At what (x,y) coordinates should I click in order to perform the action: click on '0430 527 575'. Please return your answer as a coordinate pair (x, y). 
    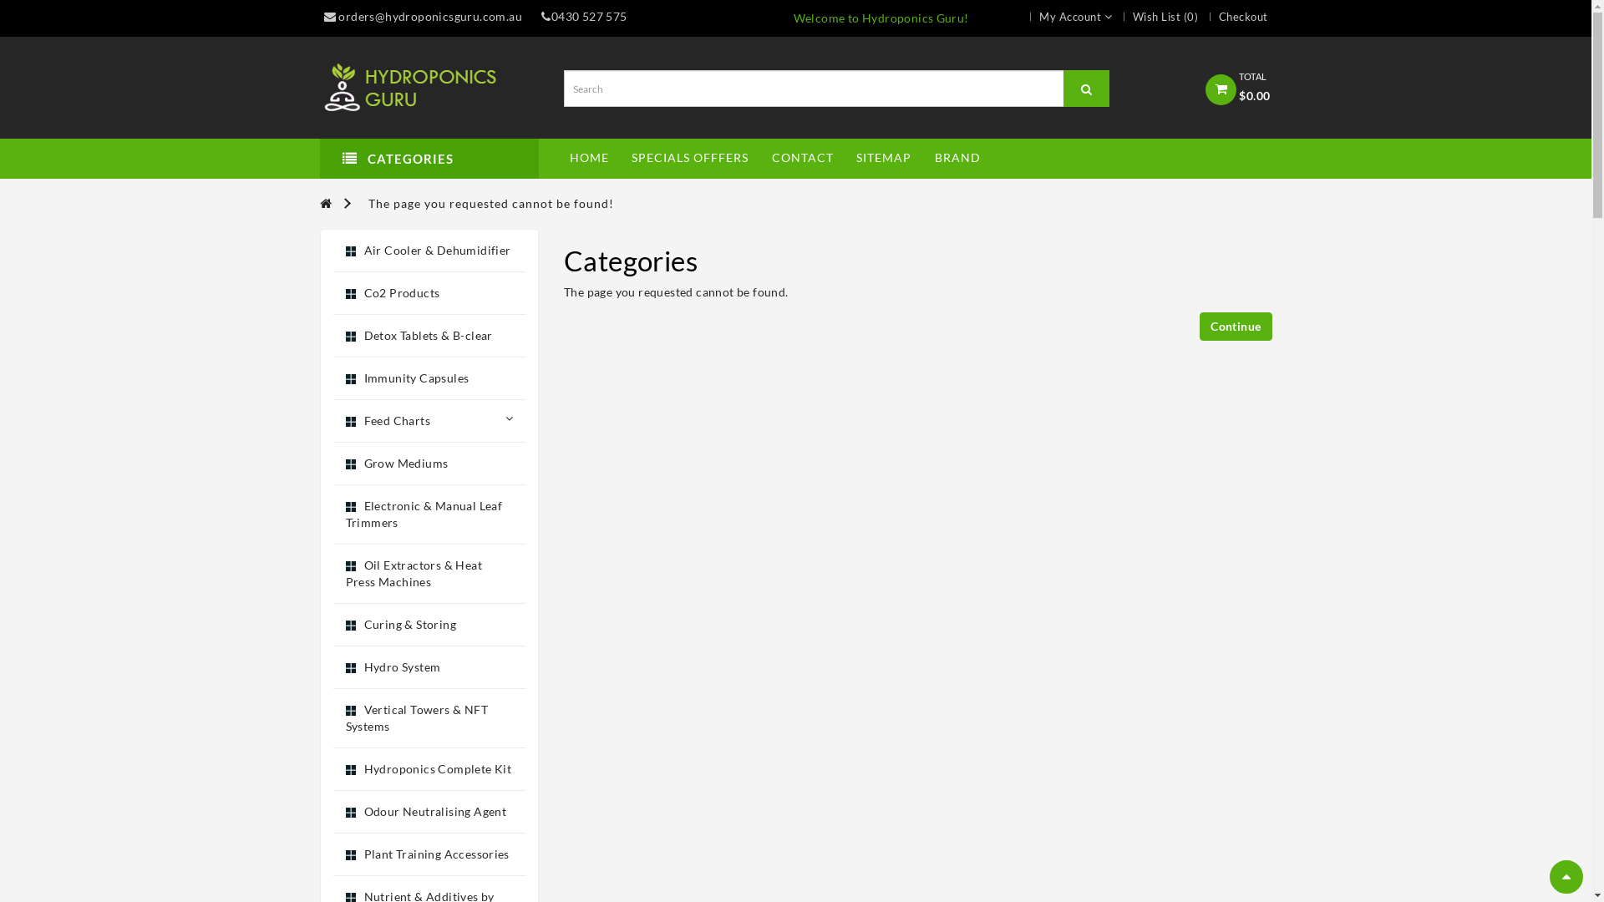
    Looking at the image, I should click on (541, 16).